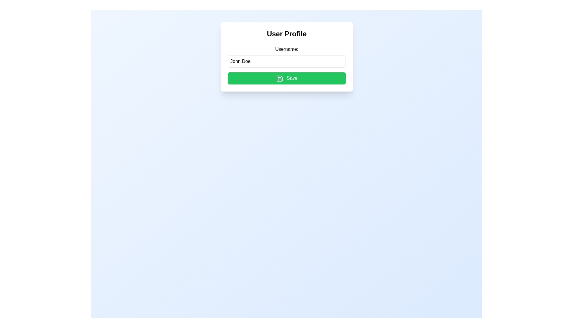  I want to click on text block stating 'User Profile' which is displayed in a bold and large font size at the top of a white card, so click(286, 34).